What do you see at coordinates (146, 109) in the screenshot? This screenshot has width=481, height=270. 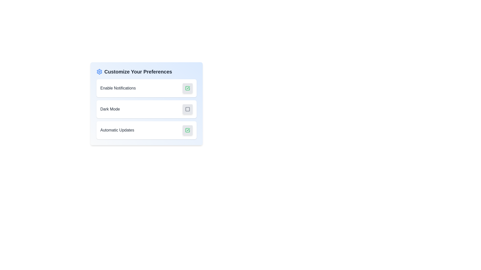 I see `the List of toggleable preference options that includes preferences like 'Enable Notifications', 'Dark Mode', and 'Automatic Updates'` at bounding box center [146, 109].